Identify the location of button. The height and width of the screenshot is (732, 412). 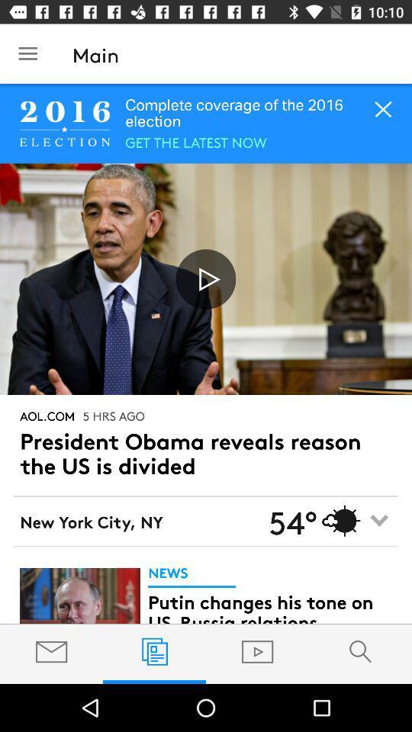
(206, 278).